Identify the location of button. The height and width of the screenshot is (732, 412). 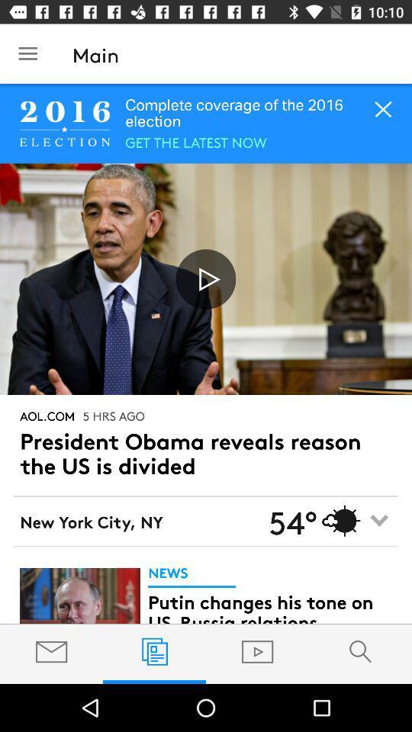
(206, 278).